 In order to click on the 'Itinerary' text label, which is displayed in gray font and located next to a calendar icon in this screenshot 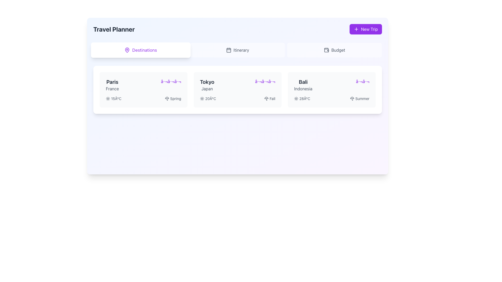, I will do `click(241, 50)`.